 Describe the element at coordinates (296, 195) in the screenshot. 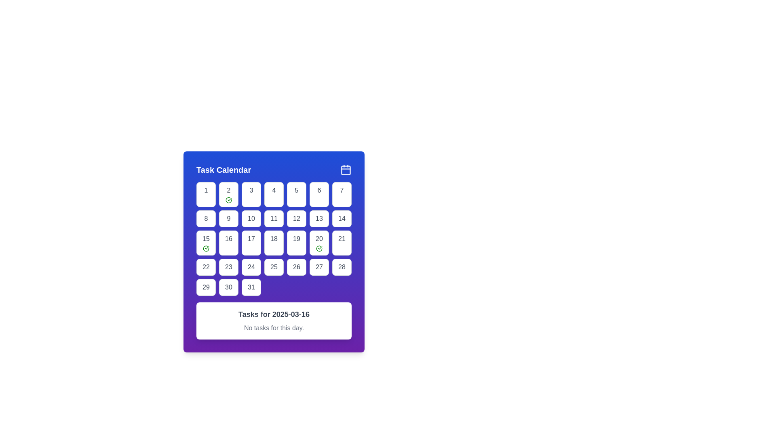

I see `the button labeled '5' in the top row of the grid layout` at that location.